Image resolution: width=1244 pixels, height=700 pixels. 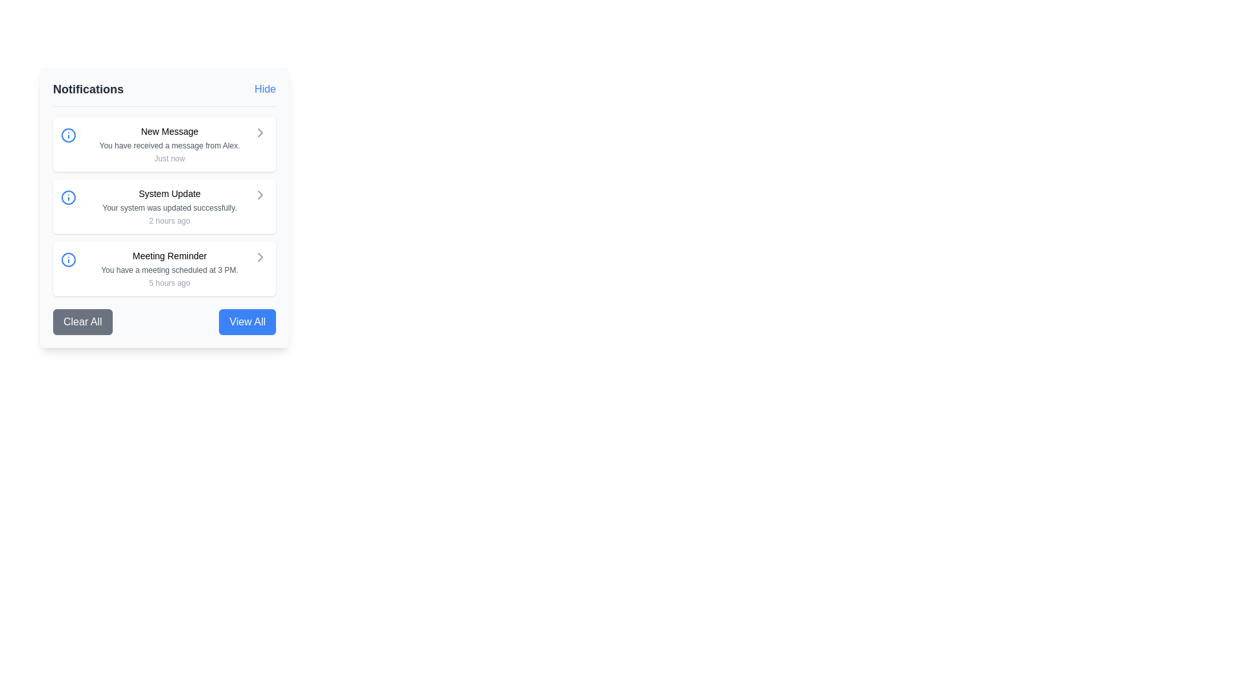 What do you see at coordinates (260, 132) in the screenshot?
I see `the right-facing gray chevron icon located in the upper-right corner of the 'New Message' notification card` at bounding box center [260, 132].